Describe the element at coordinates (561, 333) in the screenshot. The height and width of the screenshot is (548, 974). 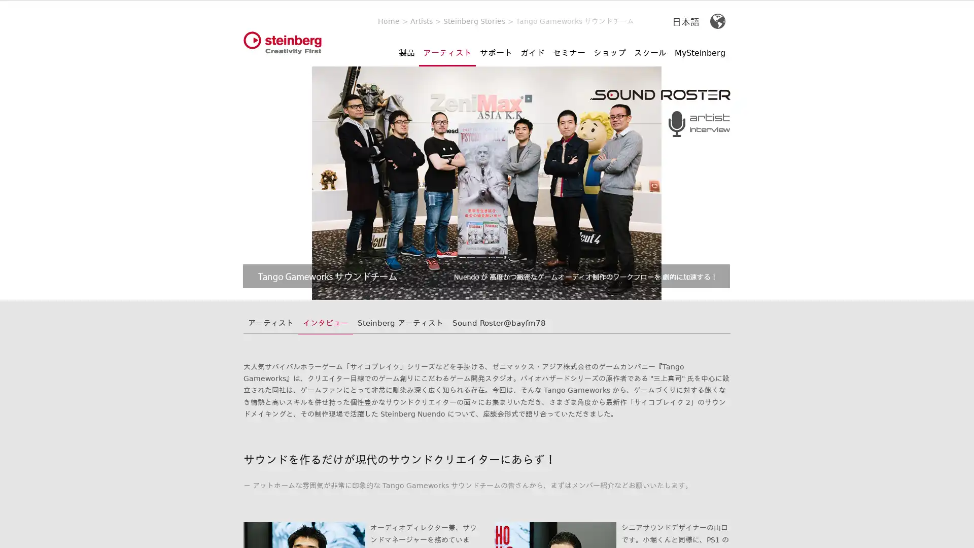
I see `Accept All` at that location.